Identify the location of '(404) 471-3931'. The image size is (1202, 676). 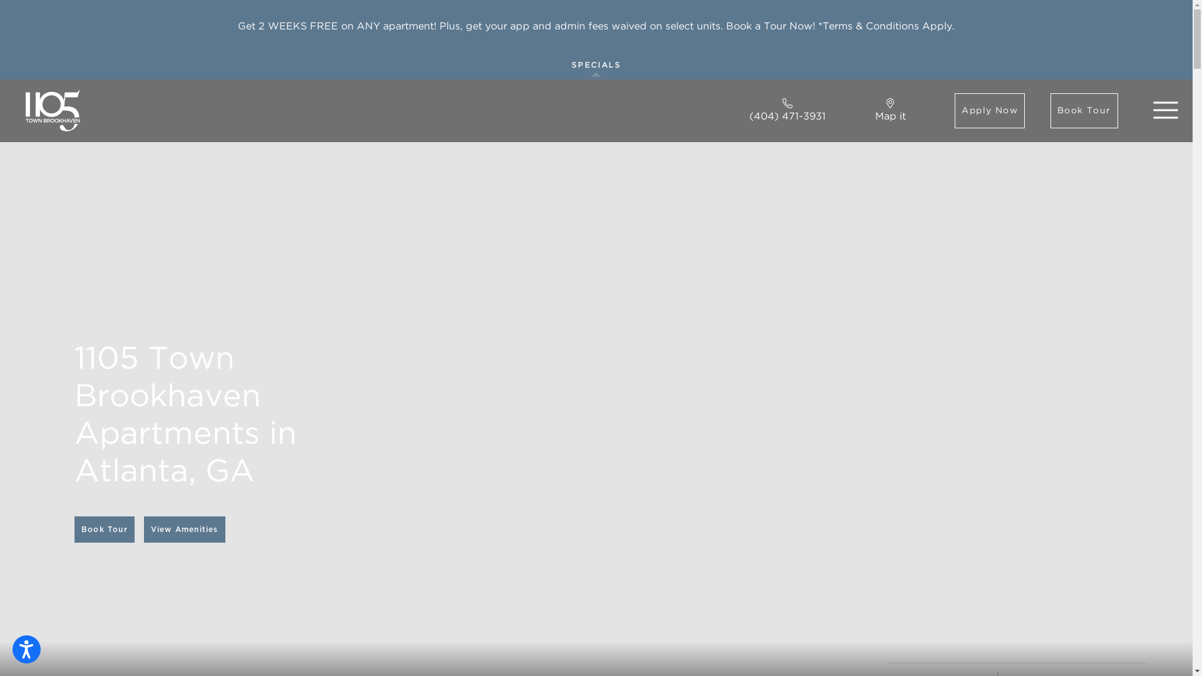
(786, 110).